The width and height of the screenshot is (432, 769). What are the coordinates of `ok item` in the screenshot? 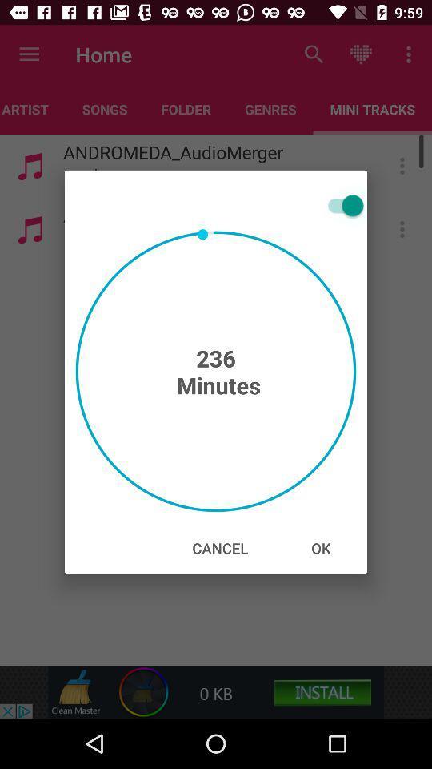 It's located at (321, 548).